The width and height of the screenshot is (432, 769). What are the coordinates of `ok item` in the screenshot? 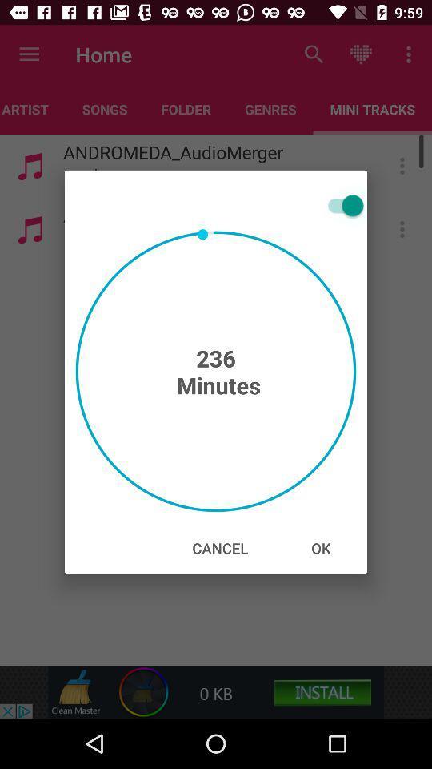 It's located at (321, 548).